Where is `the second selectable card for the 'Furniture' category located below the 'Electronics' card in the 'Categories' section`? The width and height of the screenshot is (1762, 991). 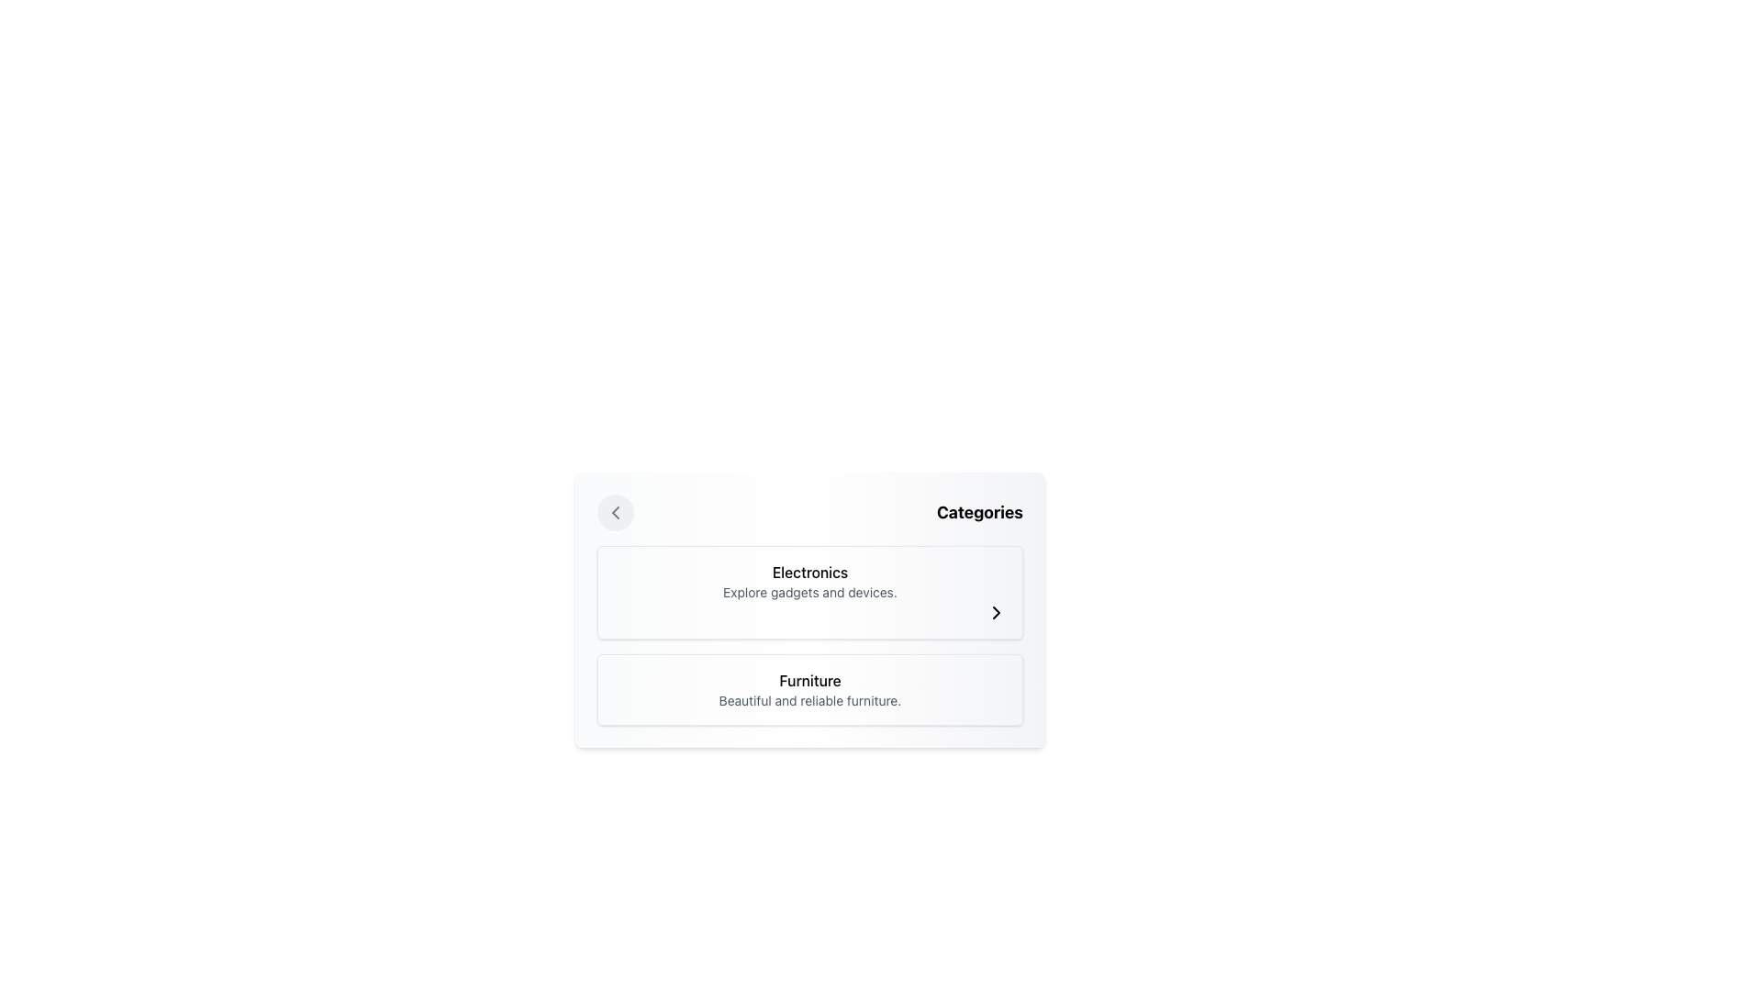
the second selectable card for the 'Furniture' category located below the 'Electronics' card in the 'Categories' section is located at coordinates (809, 690).